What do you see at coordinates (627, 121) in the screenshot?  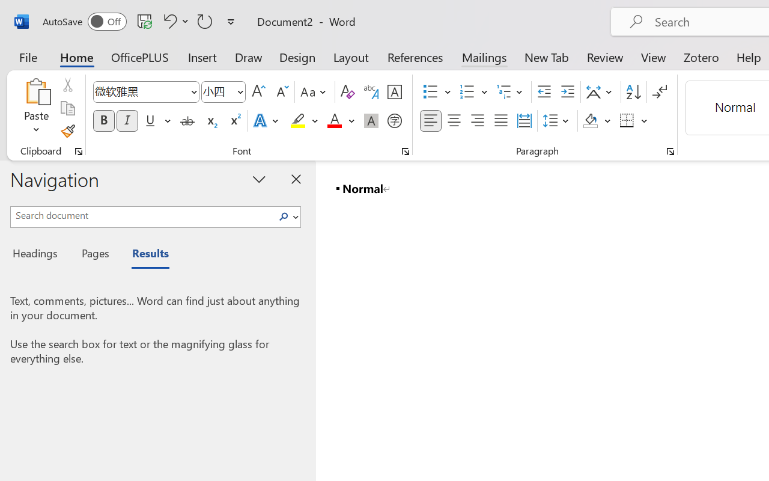 I see `'Borders'` at bounding box center [627, 121].